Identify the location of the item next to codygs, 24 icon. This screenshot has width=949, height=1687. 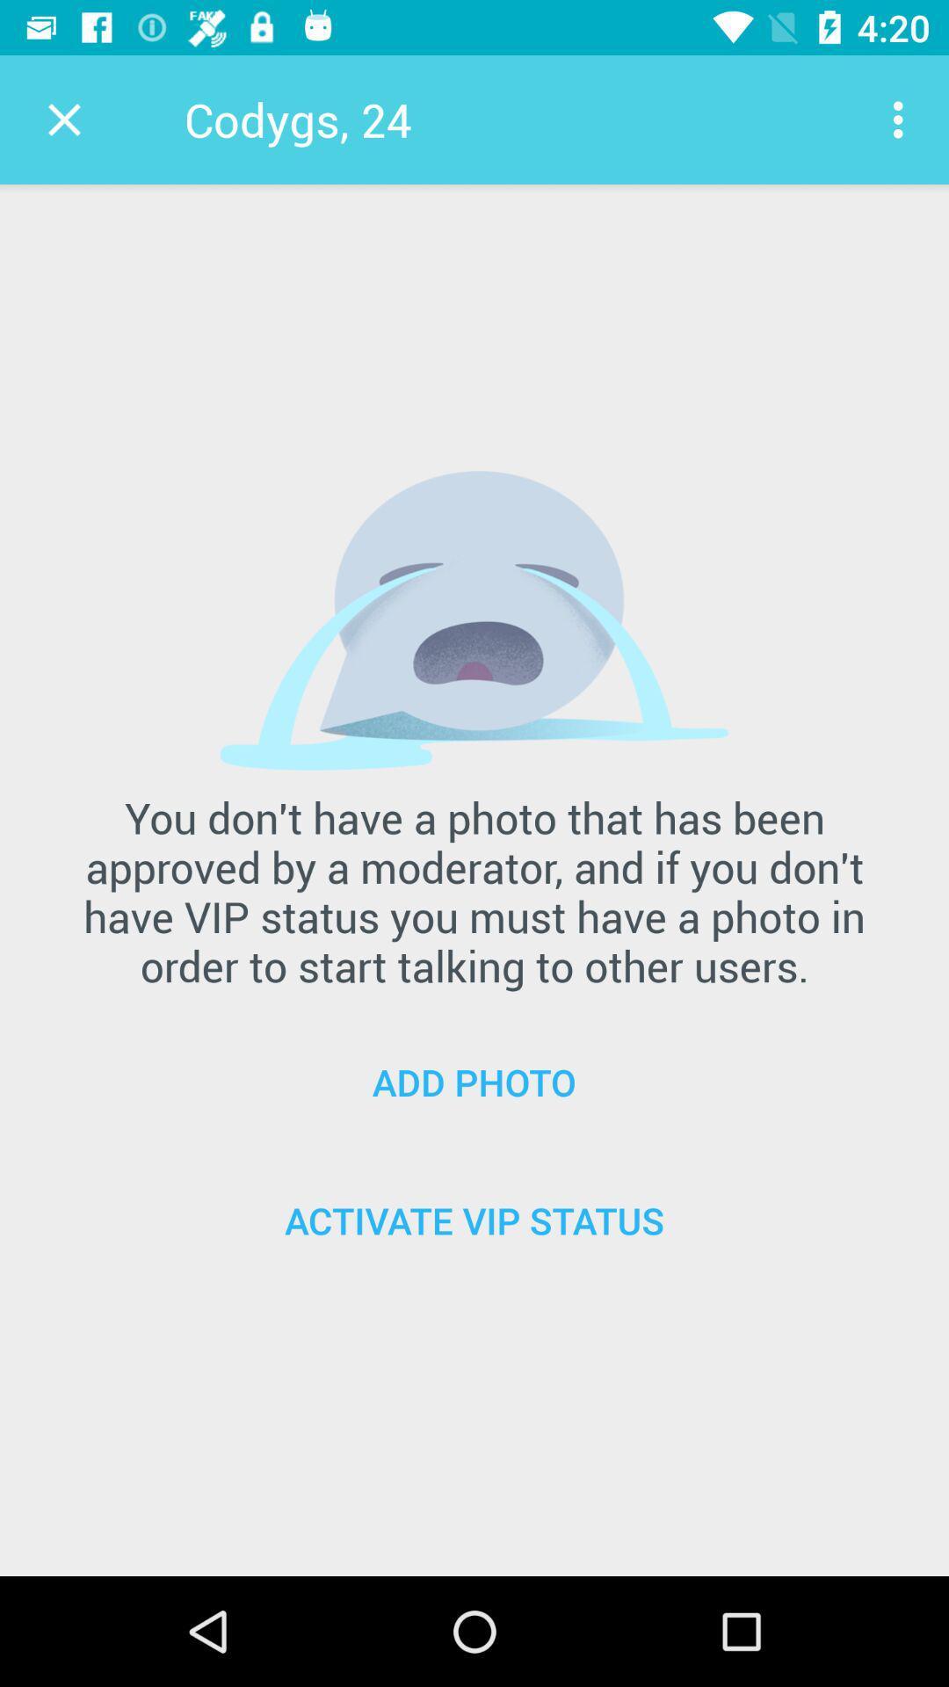
(63, 119).